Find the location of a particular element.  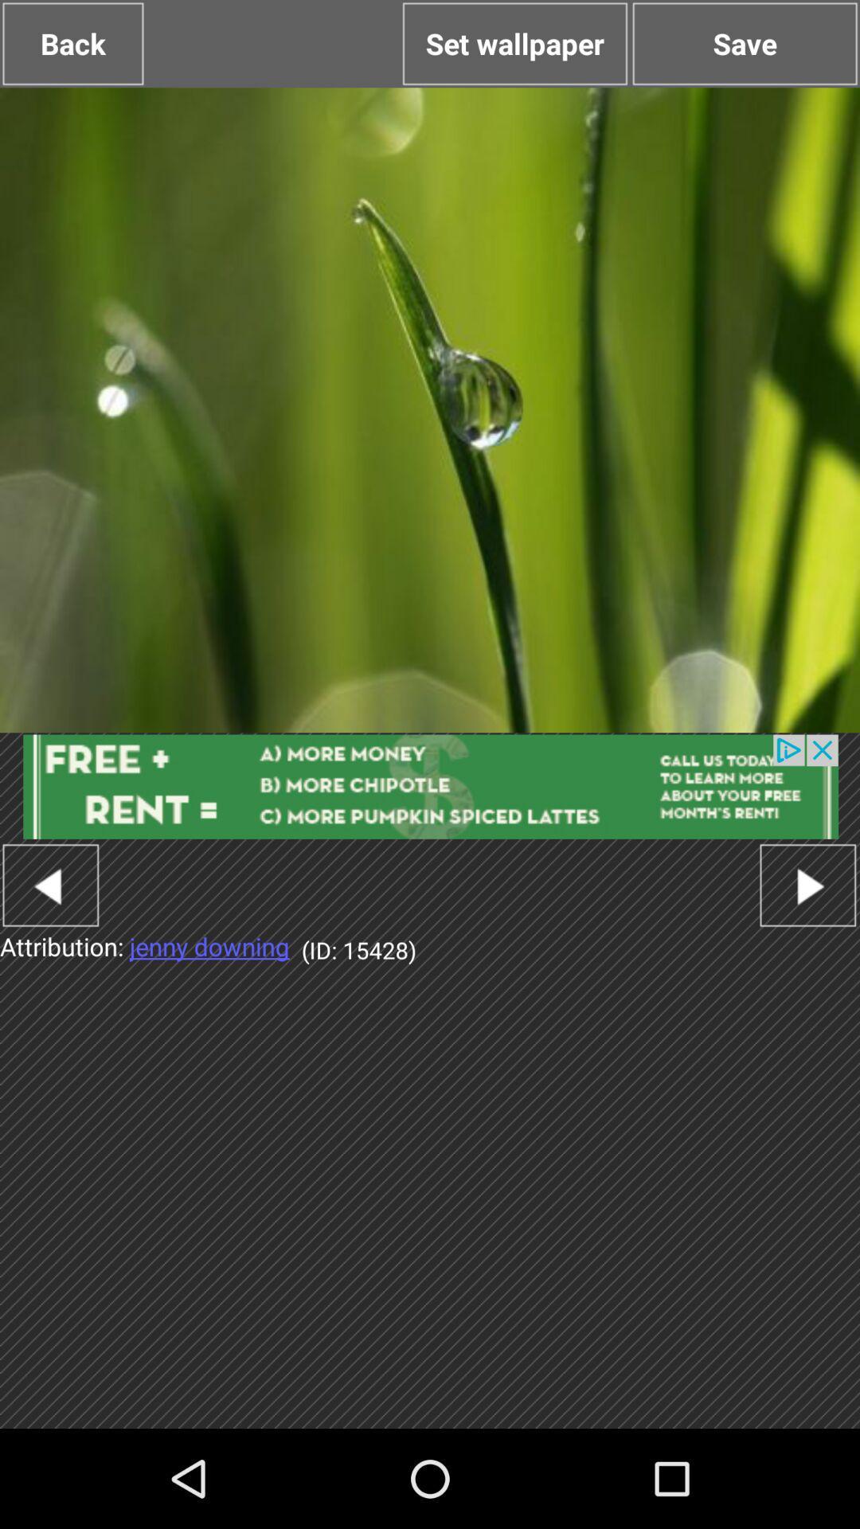

previous is located at coordinates (49, 884).